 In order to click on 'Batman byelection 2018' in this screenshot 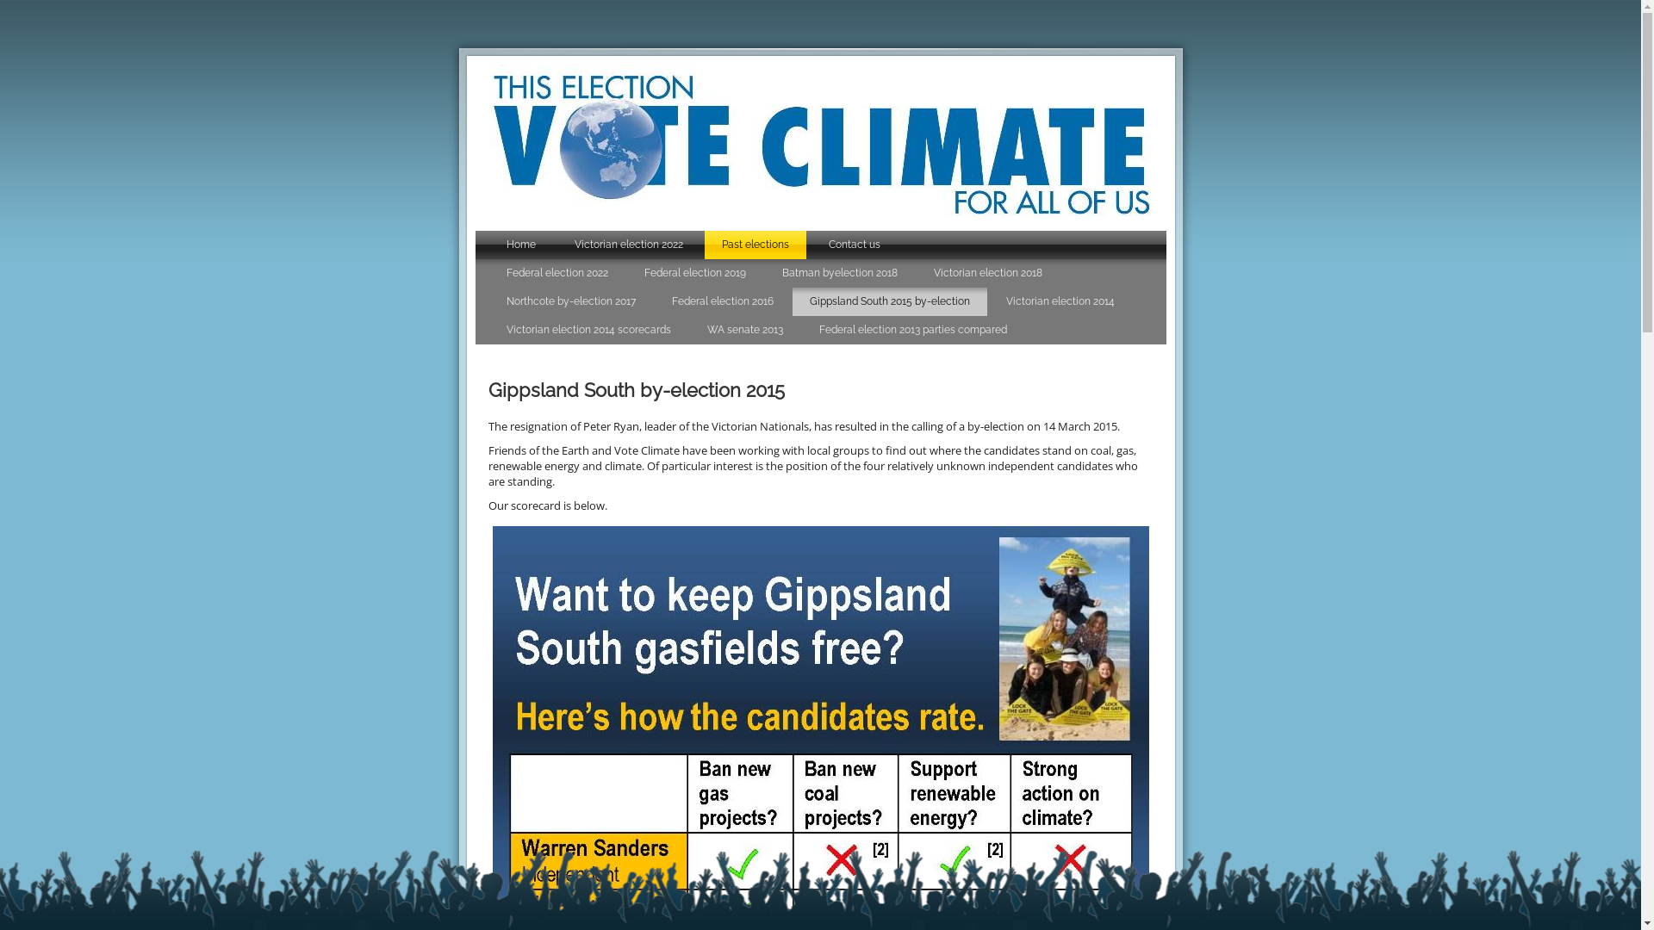, I will do `click(839, 272)`.